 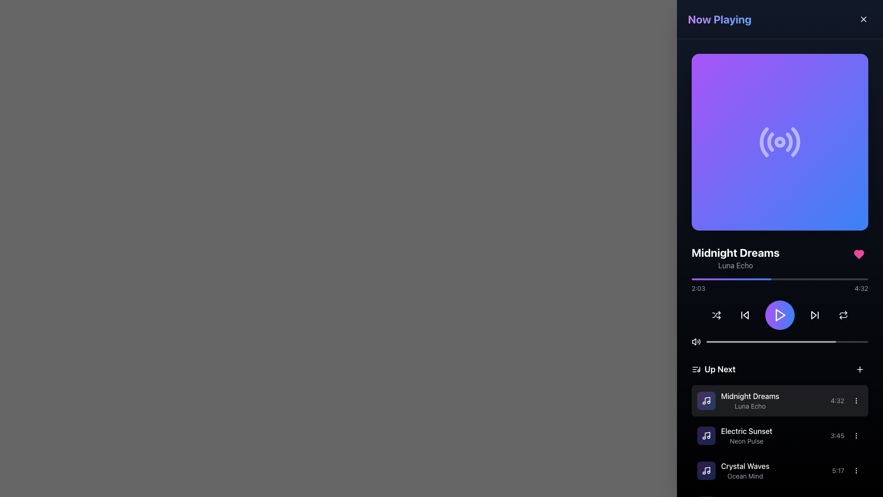 What do you see at coordinates (716, 315) in the screenshot?
I see `the shuffle icon, which features interleaved arrows in a minimalistic design` at bounding box center [716, 315].